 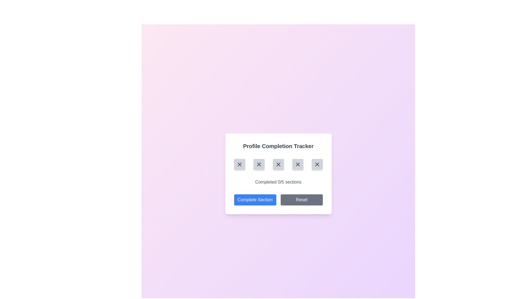 What do you see at coordinates (317, 164) in the screenshot?
I see `the icon button indicating the uncompleted state of a checklist item in the Profile Completion Tracker` at bounding box center [317, 164].